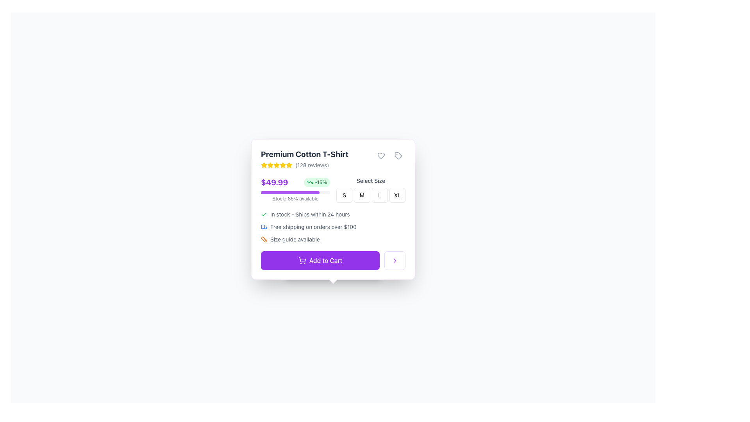  What do you see at coordinates (395, 261) in the screenshot?
I see `the rightward-pointing chevron icon within the circular button in the bottom right corner of the product card` at bounding box center [395, 261].